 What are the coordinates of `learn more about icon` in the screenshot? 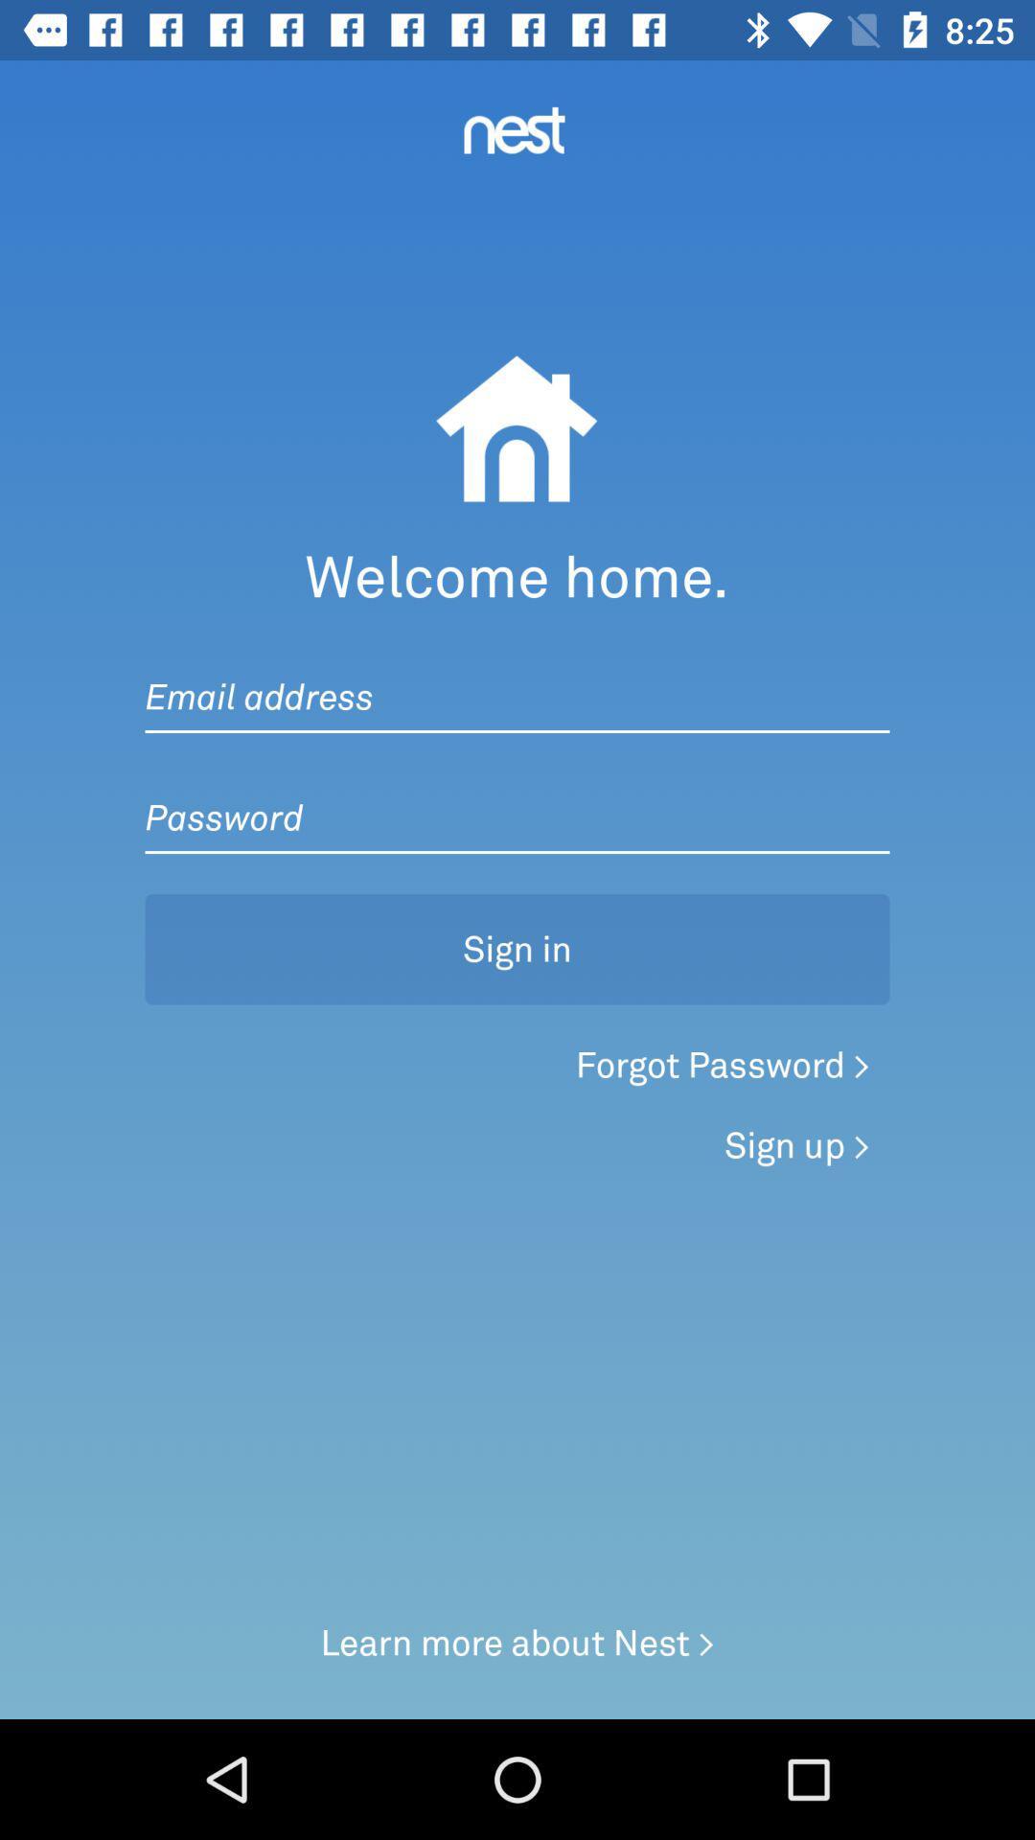 It's located at (517, 1642).